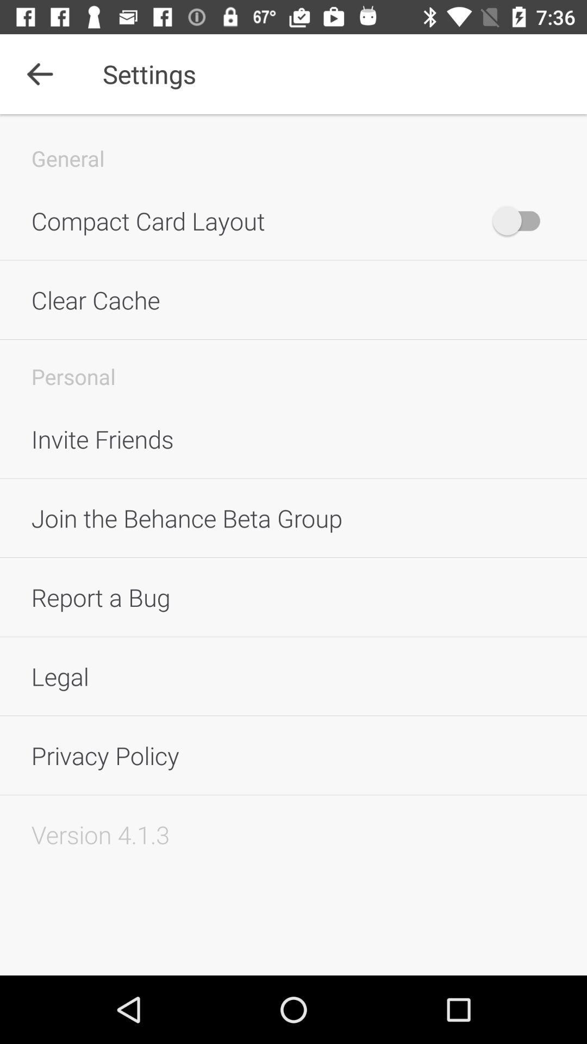 The height and width of the screenshot is (1044, 587). Describe the element at coordinates (293, 675) in the screenshot. I see `legal item` at that location.